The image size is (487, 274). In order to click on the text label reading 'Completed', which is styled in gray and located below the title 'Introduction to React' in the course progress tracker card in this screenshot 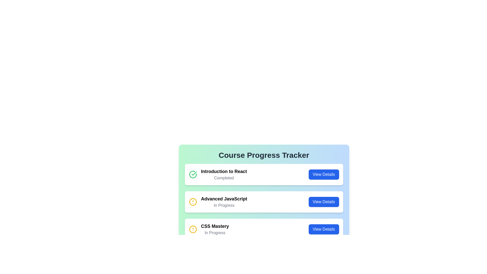, I will do `click(224, 178)`.